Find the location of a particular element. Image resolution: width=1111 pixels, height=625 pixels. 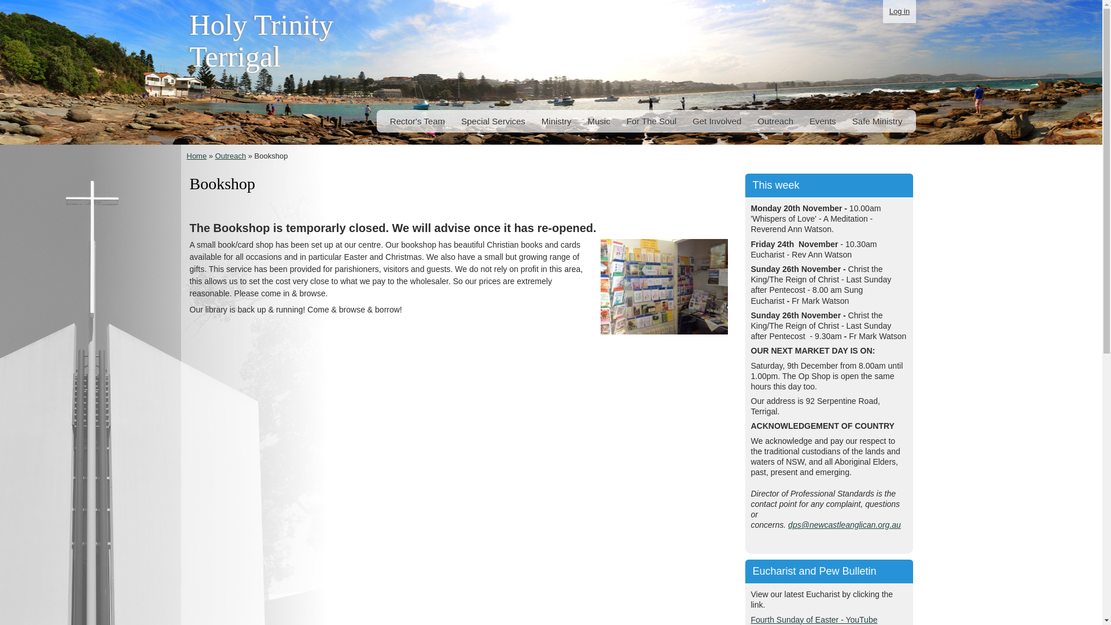

'Fourth Sunday of Easter - YouTube' is located at coordinates (751, 618).